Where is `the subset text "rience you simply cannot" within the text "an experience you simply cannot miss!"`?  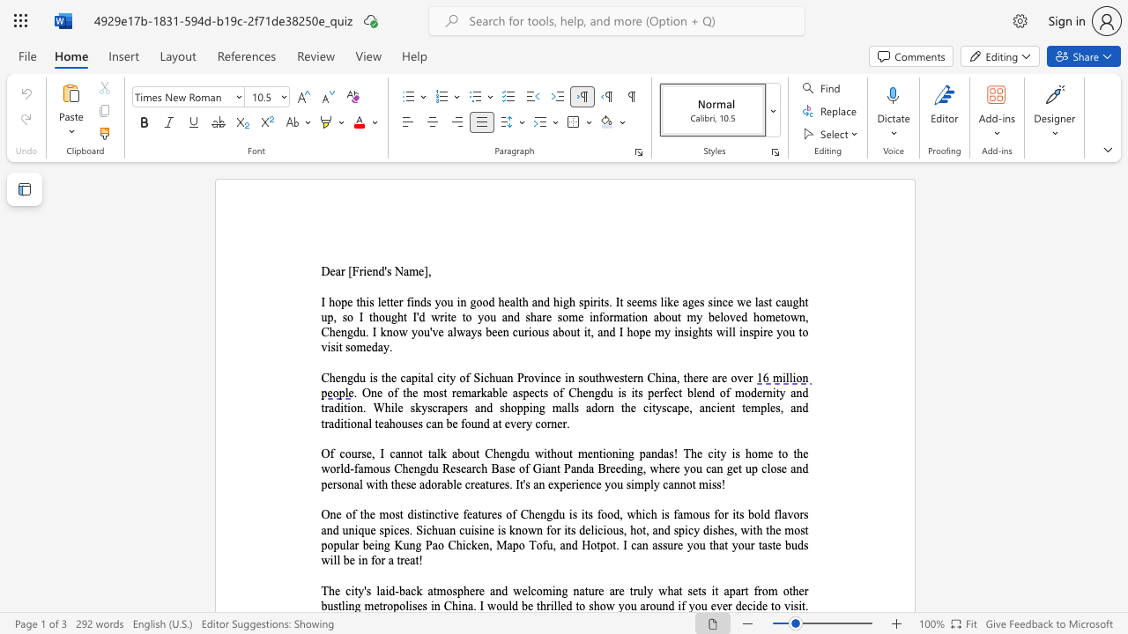
the subset text "rience you simply cannot" within the text "an experience you simply cannot miss!" is located at coordinates (571, 484).